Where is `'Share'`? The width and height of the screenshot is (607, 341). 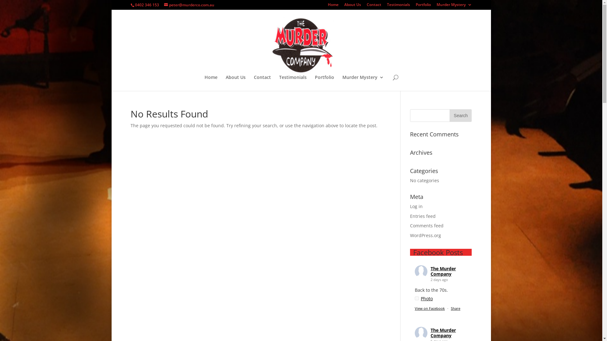
'Share' is located at coordinates (455, 308).